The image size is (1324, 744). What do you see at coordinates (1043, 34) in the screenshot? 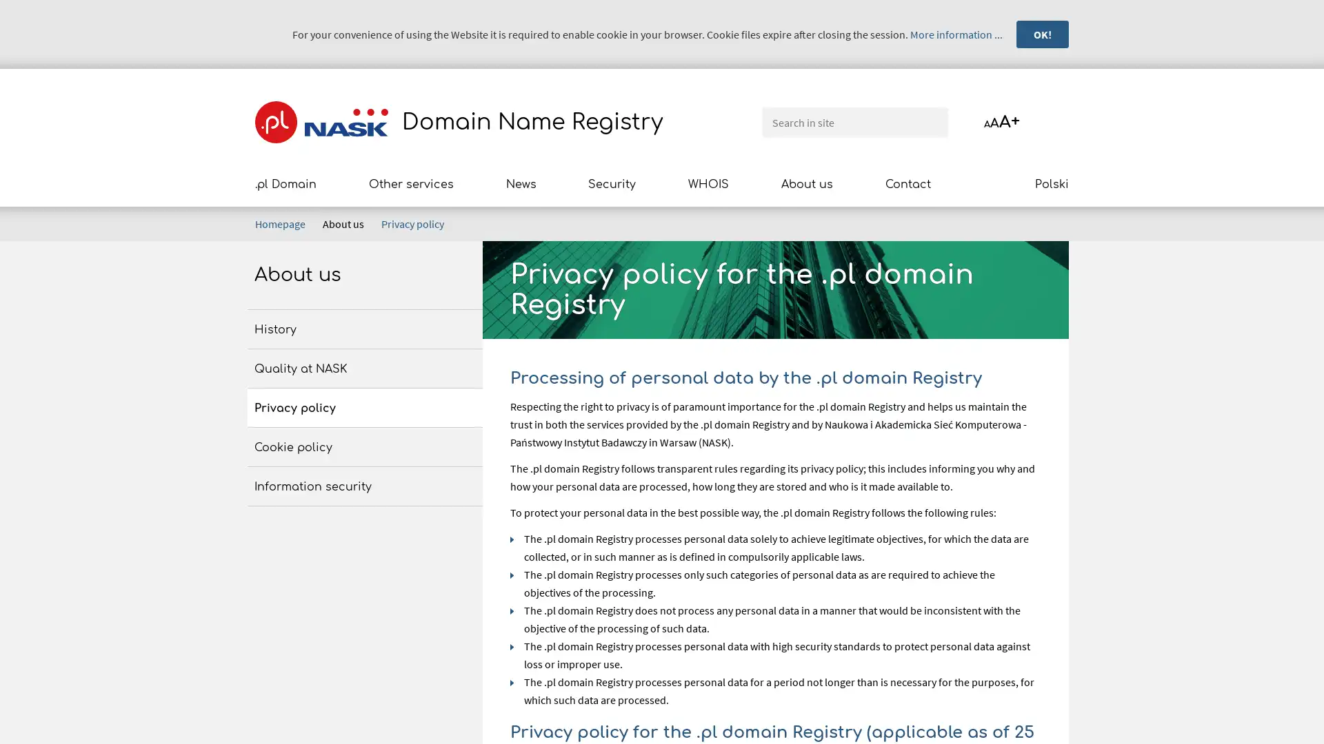
I see `OK!` at bounding box center [1043, 34].